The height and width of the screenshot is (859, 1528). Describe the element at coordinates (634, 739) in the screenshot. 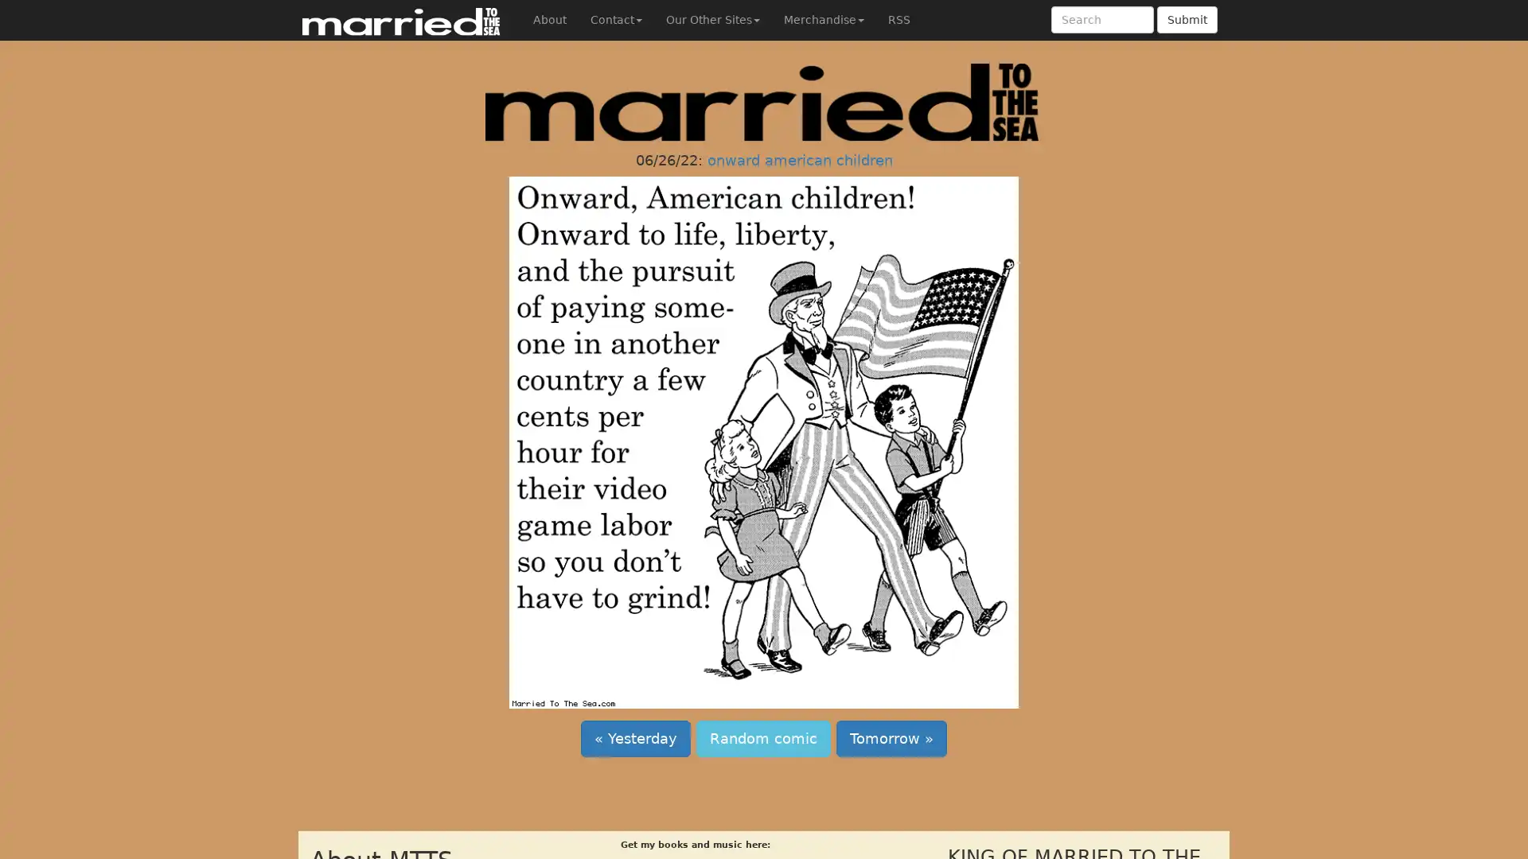

I see `Yesterday` at that location.